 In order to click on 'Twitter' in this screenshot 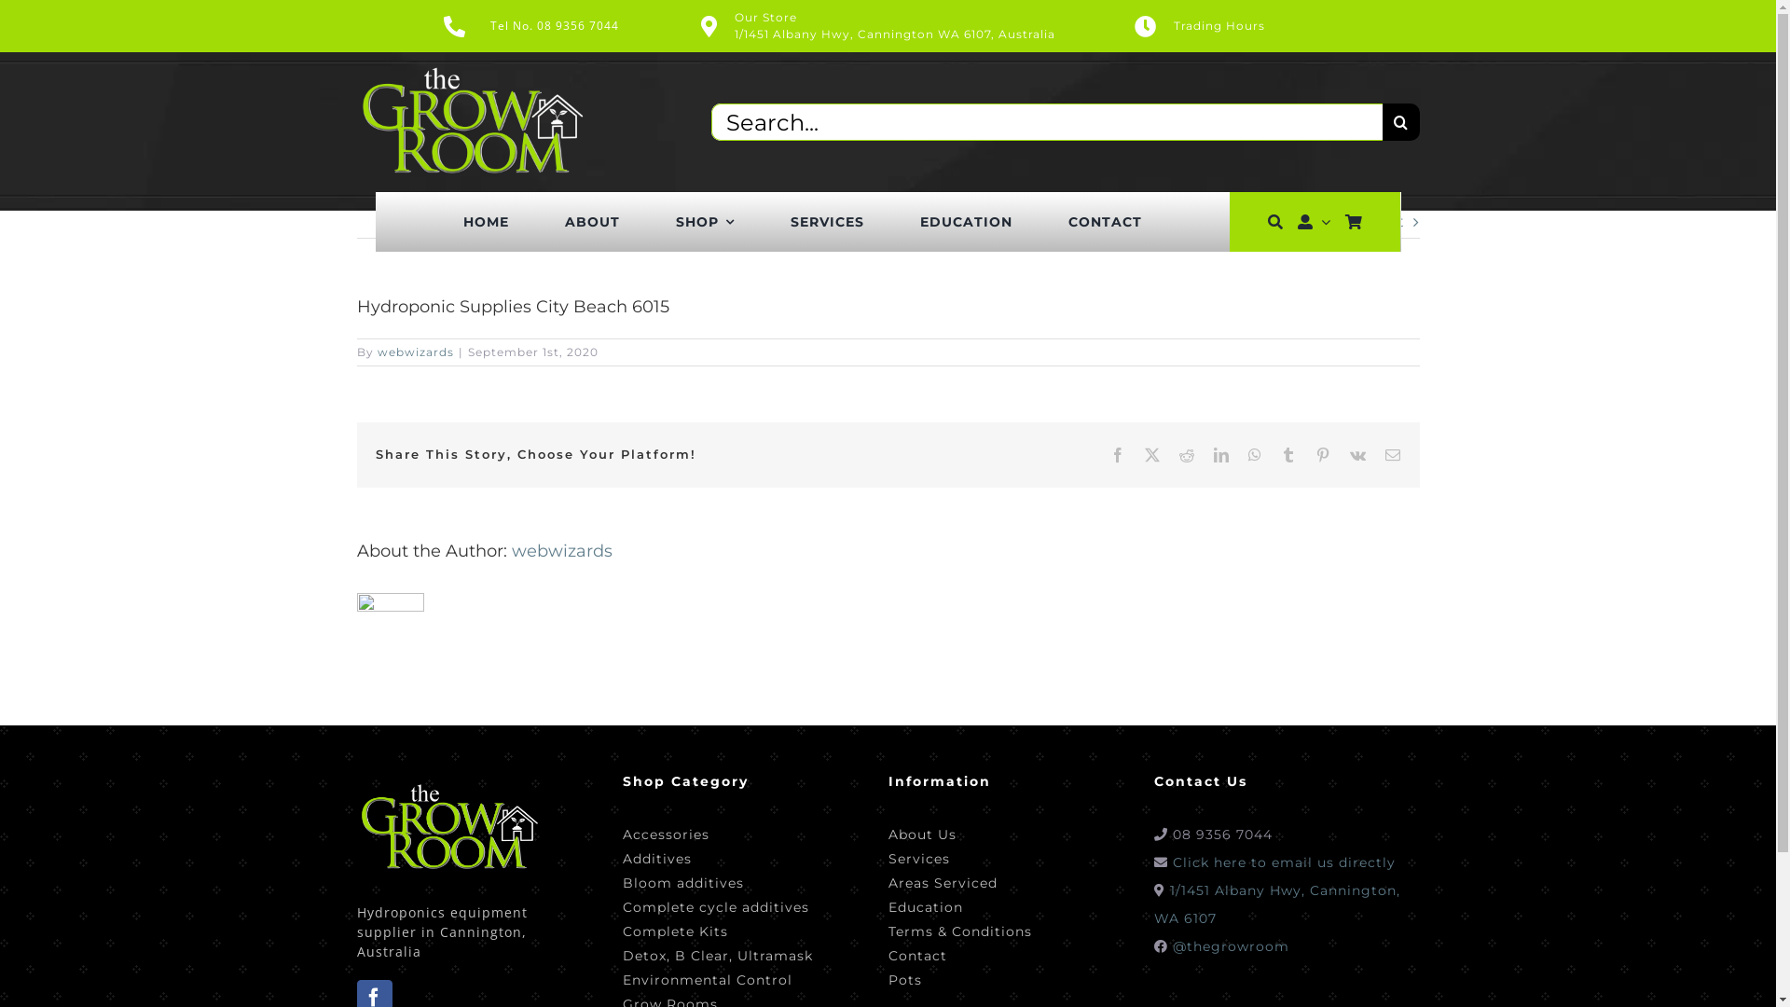, I will do `click(1151, 455)`.